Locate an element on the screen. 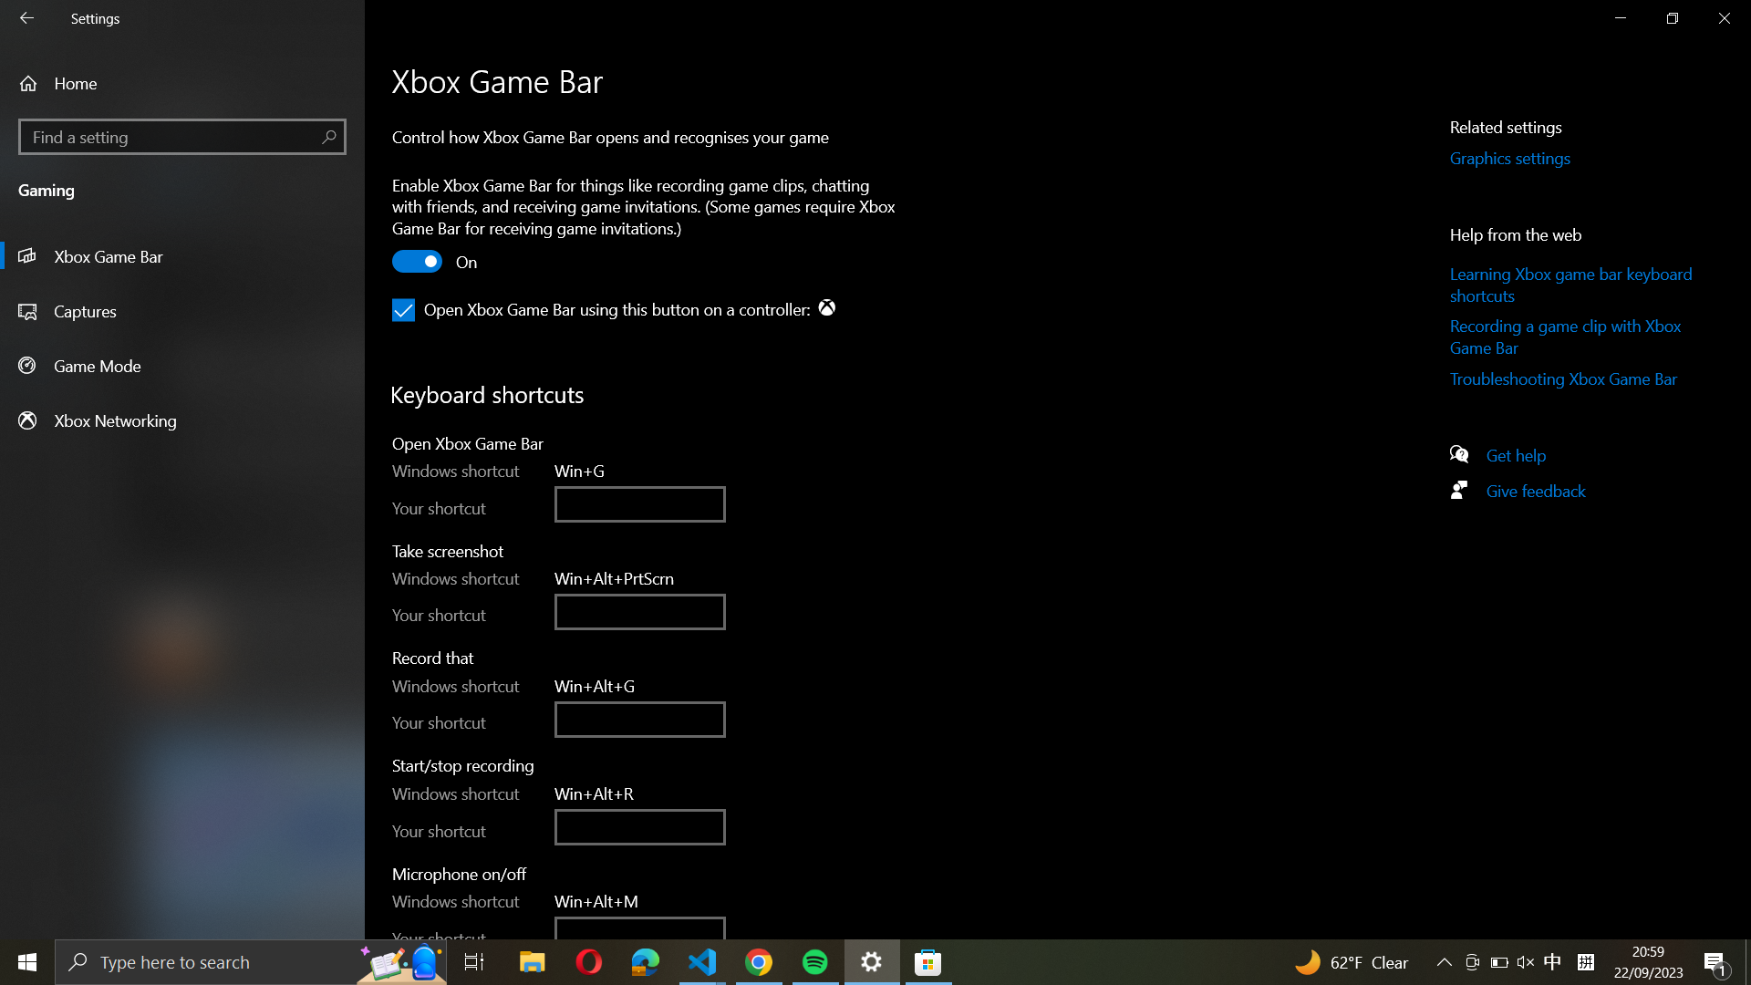 The width and height of the screenshot is (1751, 985). the Xbox Game Bar Keyboard Shortcut educational page is located at coordinates (1573, 285).